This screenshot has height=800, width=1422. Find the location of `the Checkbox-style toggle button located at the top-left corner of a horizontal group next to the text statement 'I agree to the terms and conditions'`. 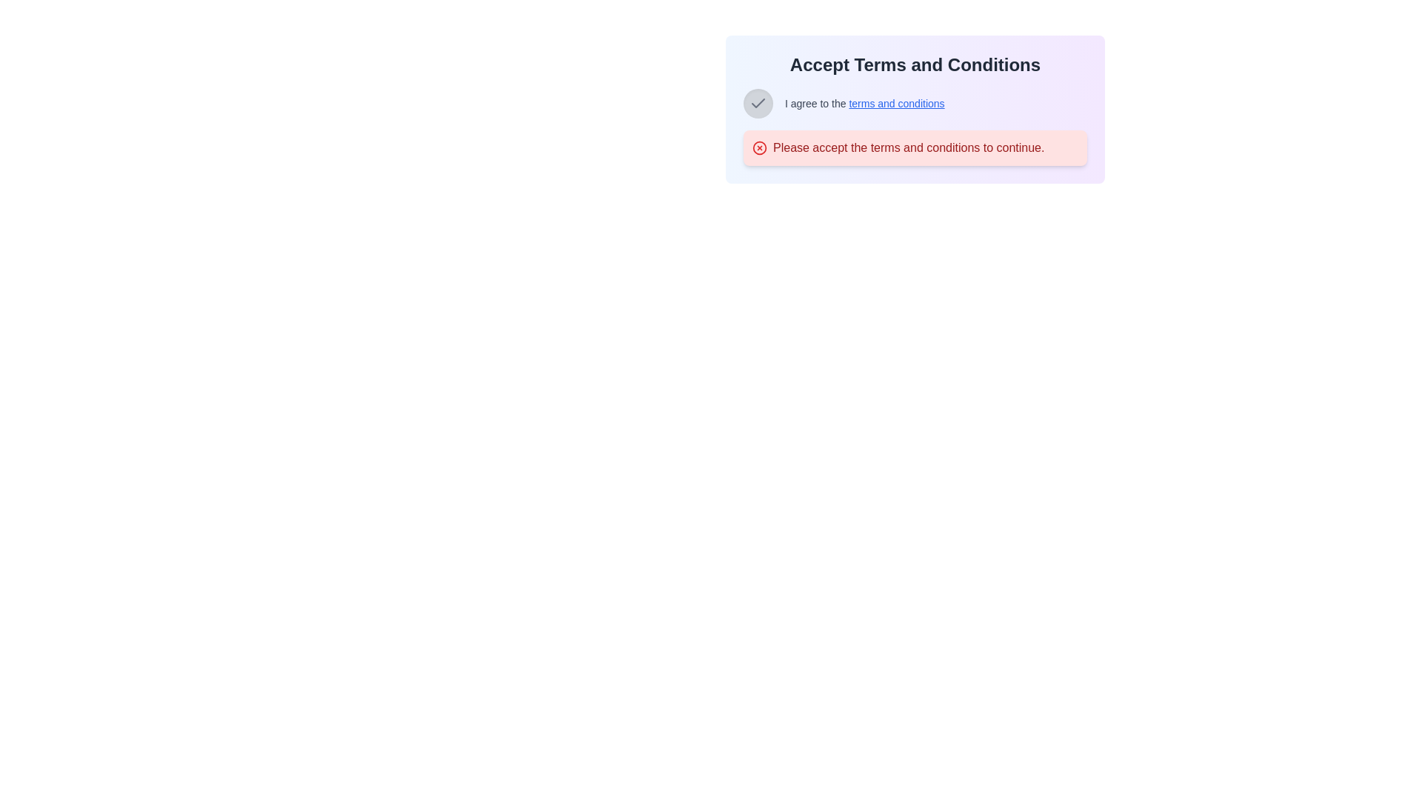

the Checkbox-style toggle button located at the top-left corner of a horizontal group next to the text statement 'I agree to the terms and conditions' is located at coordinates (758, 102).